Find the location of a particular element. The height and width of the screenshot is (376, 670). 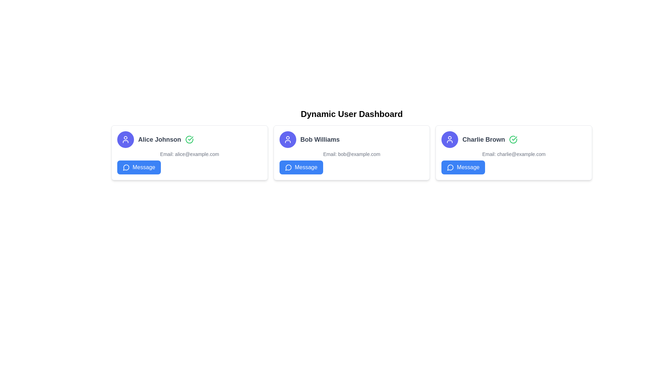

the 'Message' button icon in Charlie Brown's card, which is represented by a circular speech bubble outline is located at coordinates (450, 167).